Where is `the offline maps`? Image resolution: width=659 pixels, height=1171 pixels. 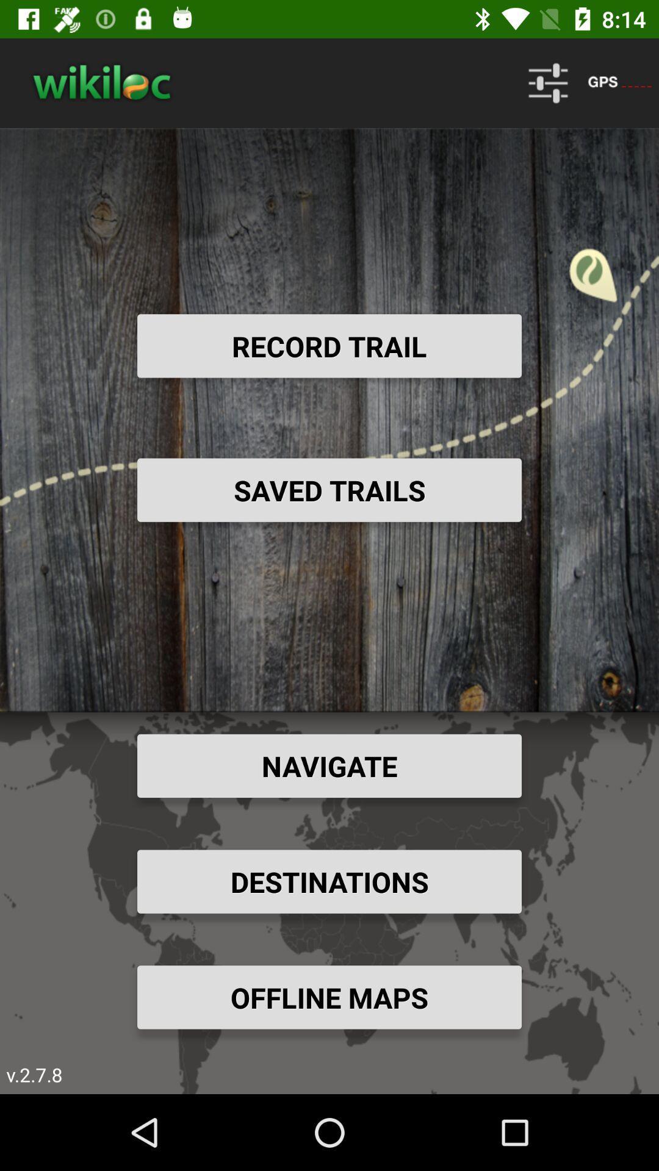 the offline maps is located at coordinates (329, 997).